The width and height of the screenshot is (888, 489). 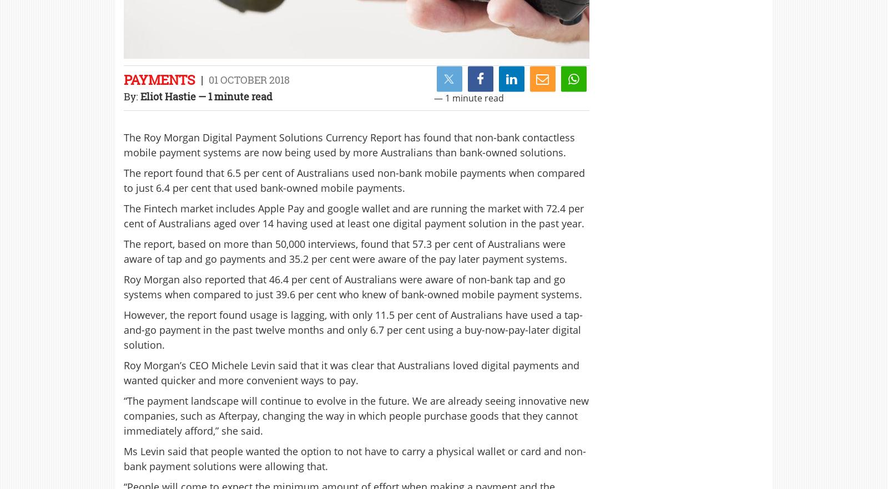 I want to click on '|', so click(x=202, y=80).